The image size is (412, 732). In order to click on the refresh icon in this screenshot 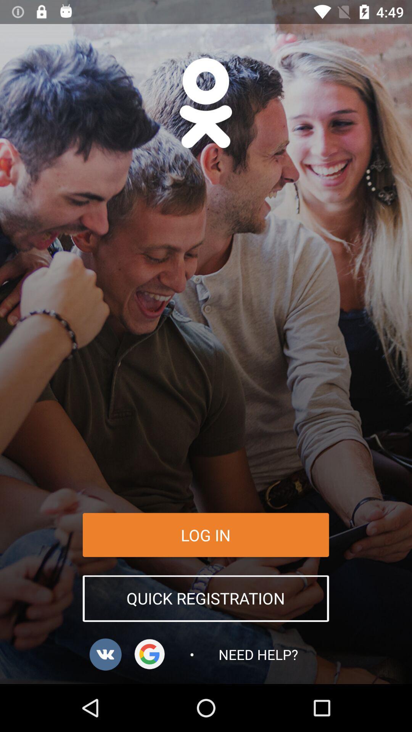, I will do `click(150, 654)`.